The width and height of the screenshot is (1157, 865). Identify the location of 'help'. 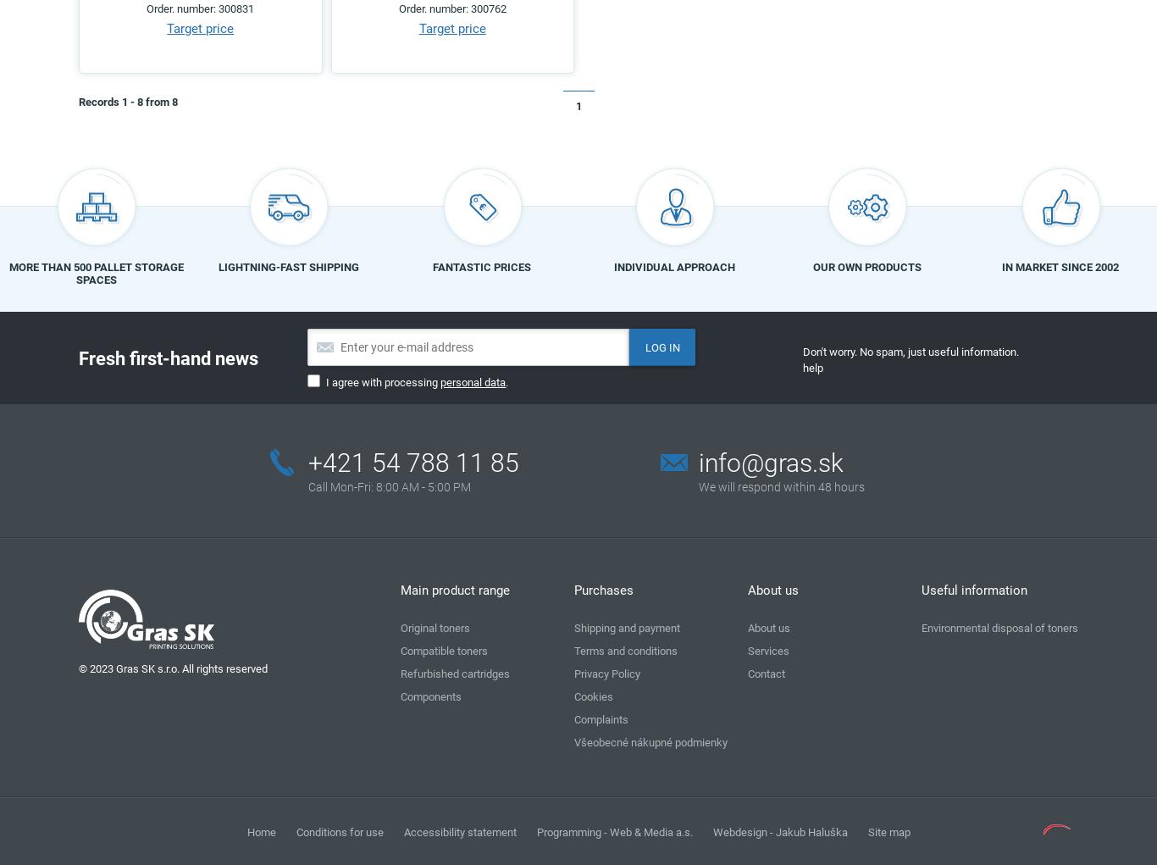
(811, 368).